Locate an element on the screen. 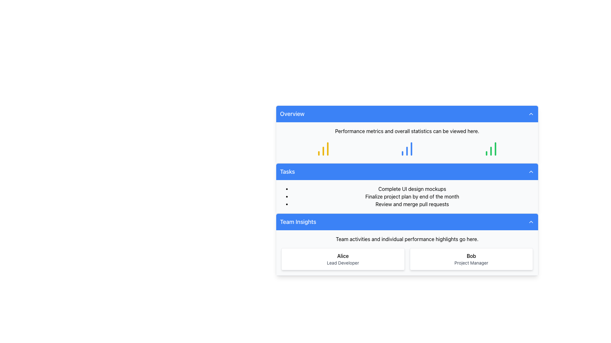 This screenshot has width=611, height=343. the informational text that describes 'Alice' located directly below her name in the card within the 'Team Insights' panel is located at coordinates (342, 263).